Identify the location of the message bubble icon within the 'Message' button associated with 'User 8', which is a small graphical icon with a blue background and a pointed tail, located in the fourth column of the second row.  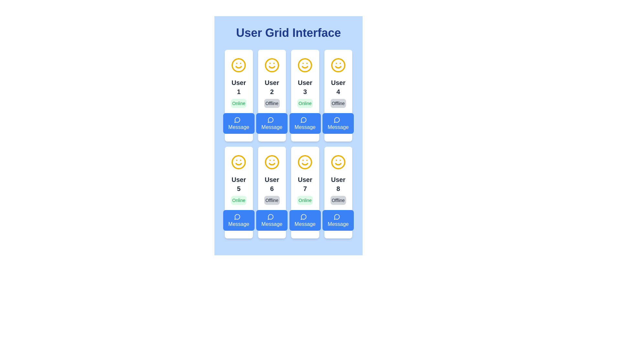
(336, 217).